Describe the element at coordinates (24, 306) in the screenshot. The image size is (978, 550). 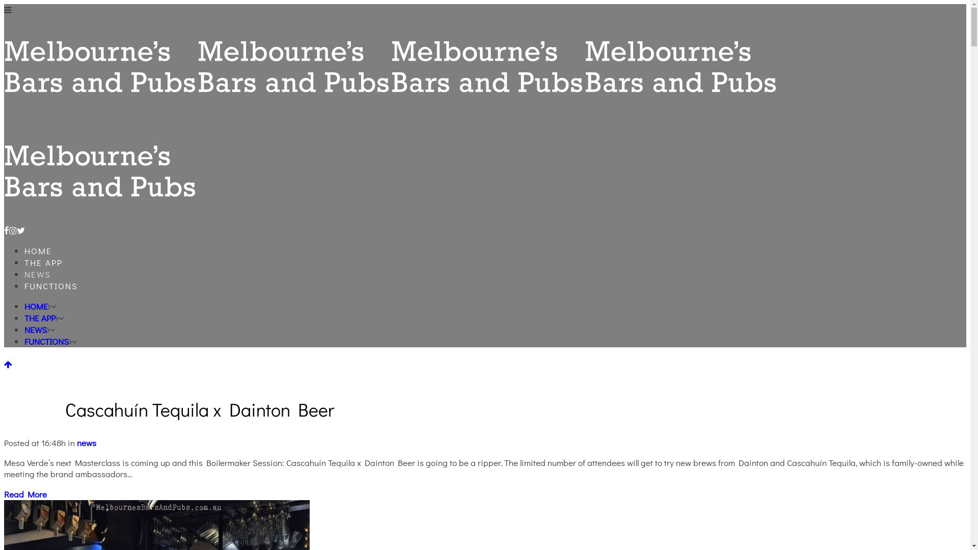
I see `'HOME'` at that location.